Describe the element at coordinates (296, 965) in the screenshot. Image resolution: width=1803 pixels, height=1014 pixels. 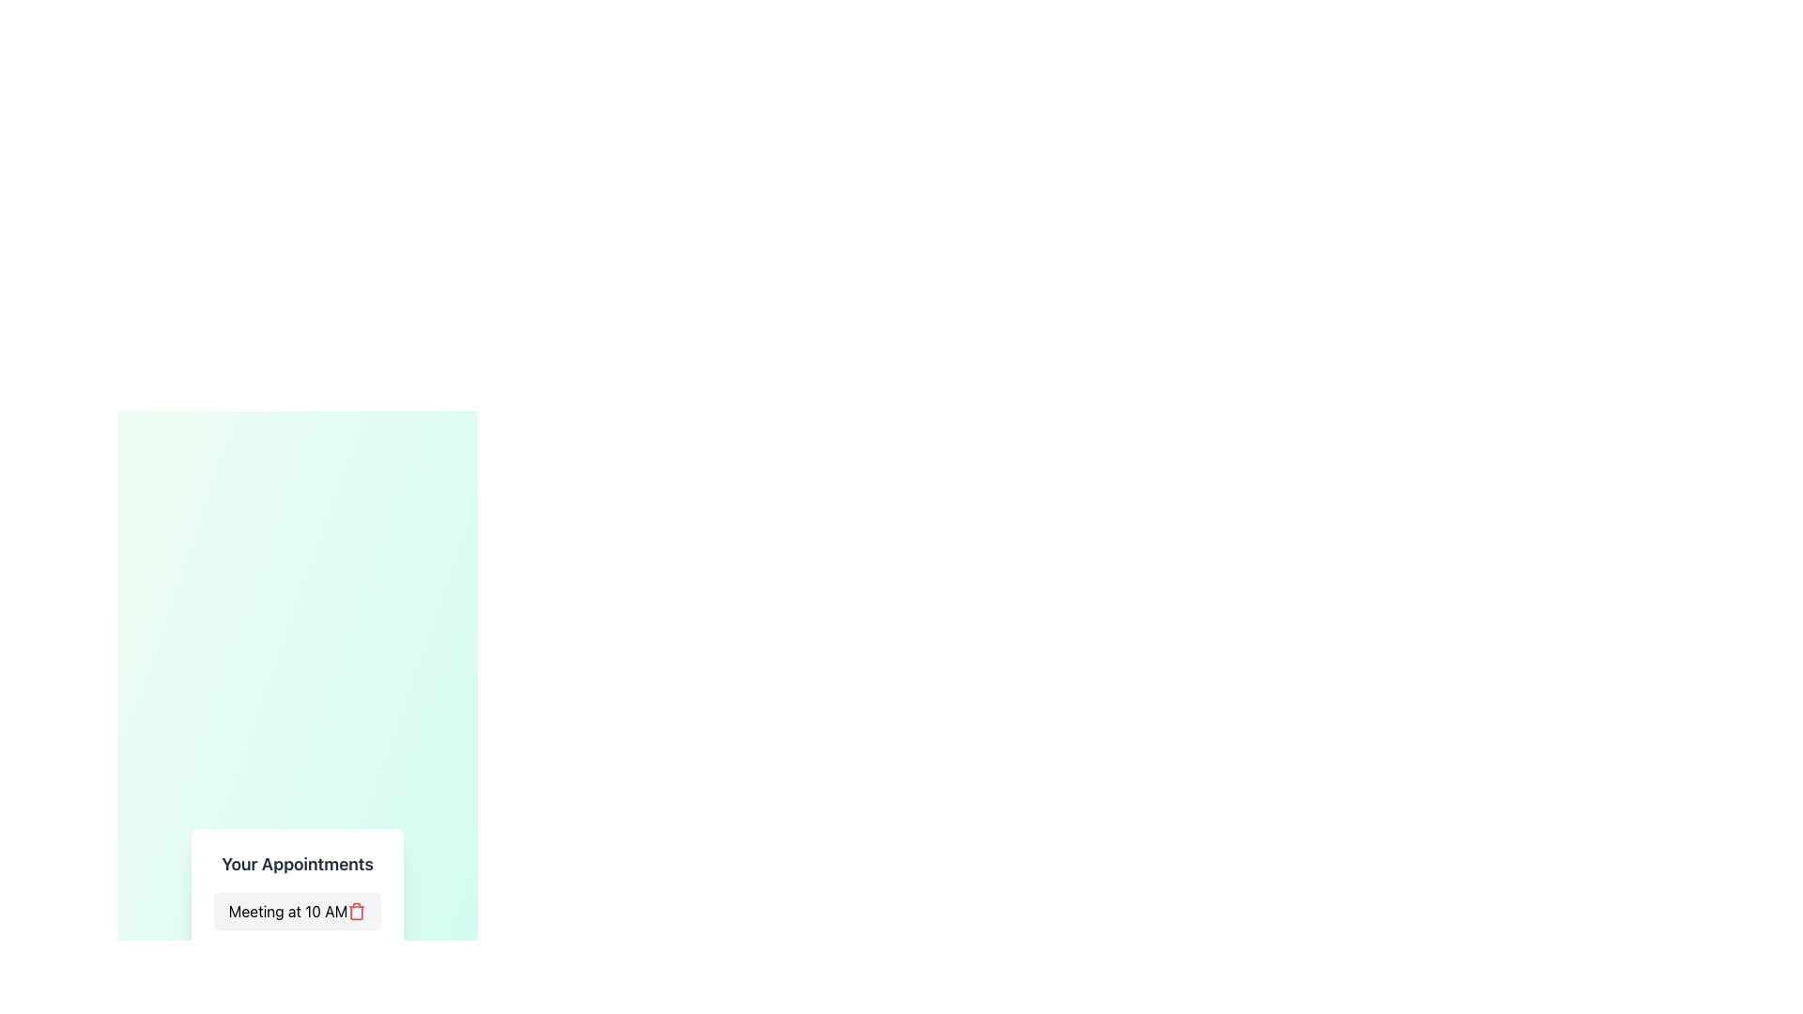
I see `the 'Clear All' button with a red background and rounded corners located at the bottom of the 'Your Appointments' section to clear all appointments` at that location.